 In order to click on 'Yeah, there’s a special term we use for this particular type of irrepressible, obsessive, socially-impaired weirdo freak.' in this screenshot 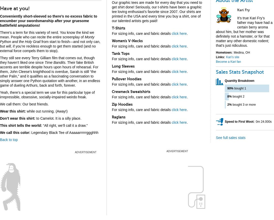, I will do `click(47, 94)`.